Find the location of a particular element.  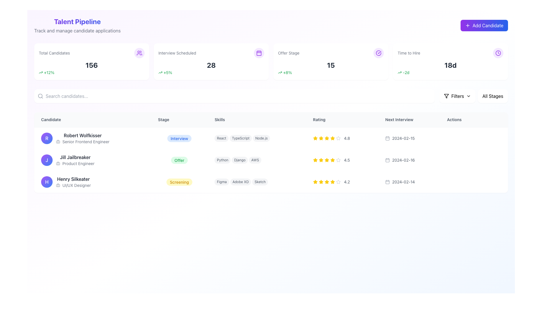

label indicating the filtering function, which is positioned near the top-right of the interface, between the filter icon and a dropdown chevron is located at coordinates (457, 96).